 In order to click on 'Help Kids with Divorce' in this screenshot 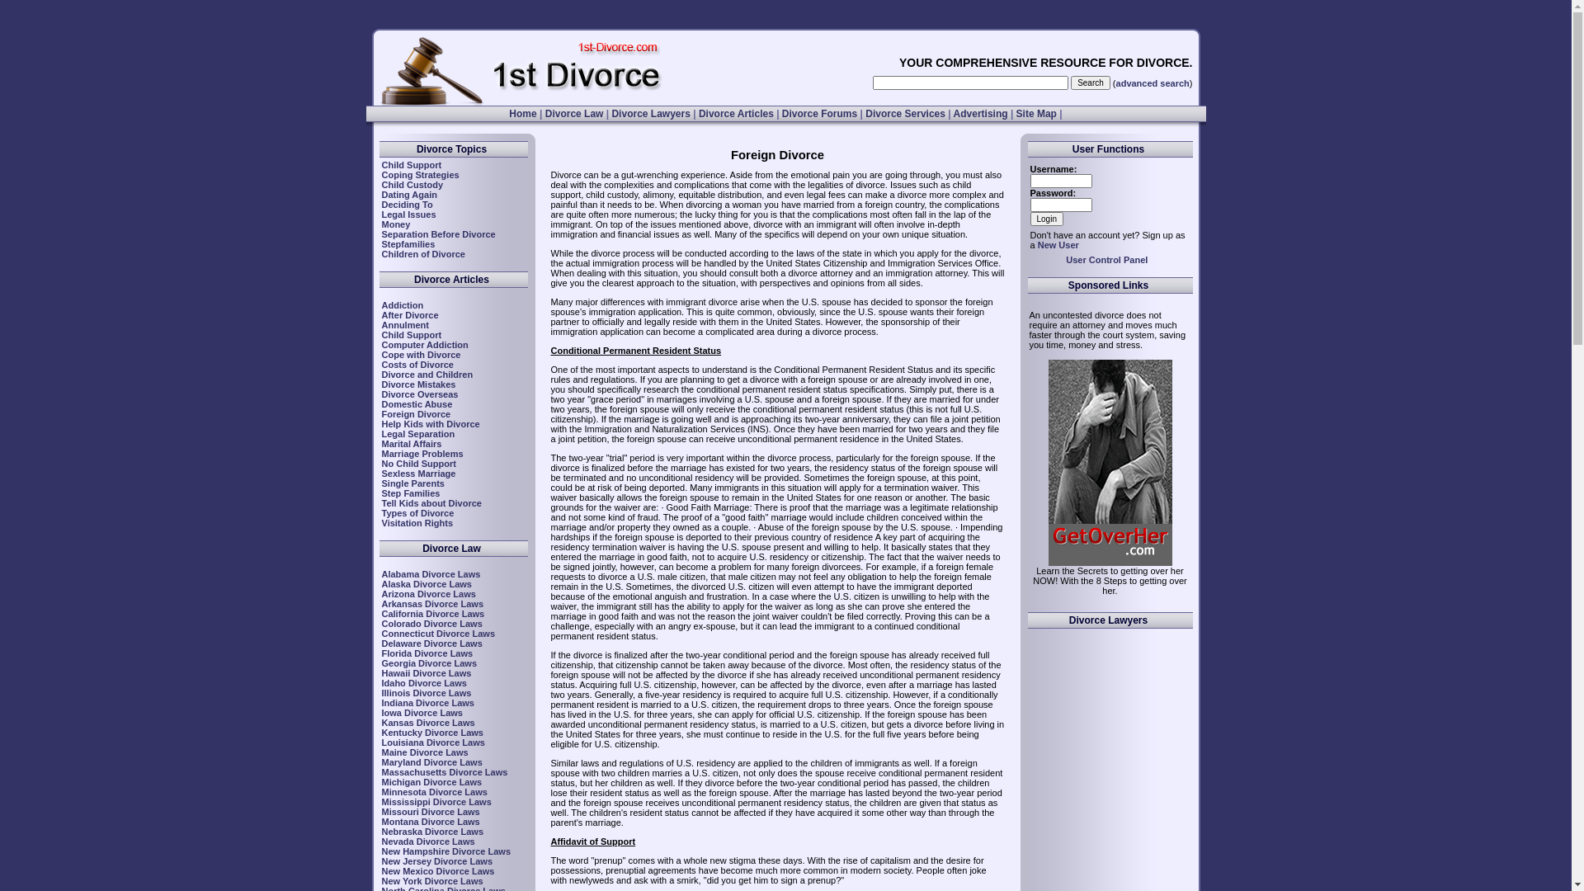, I will do `click(379, 422)`.